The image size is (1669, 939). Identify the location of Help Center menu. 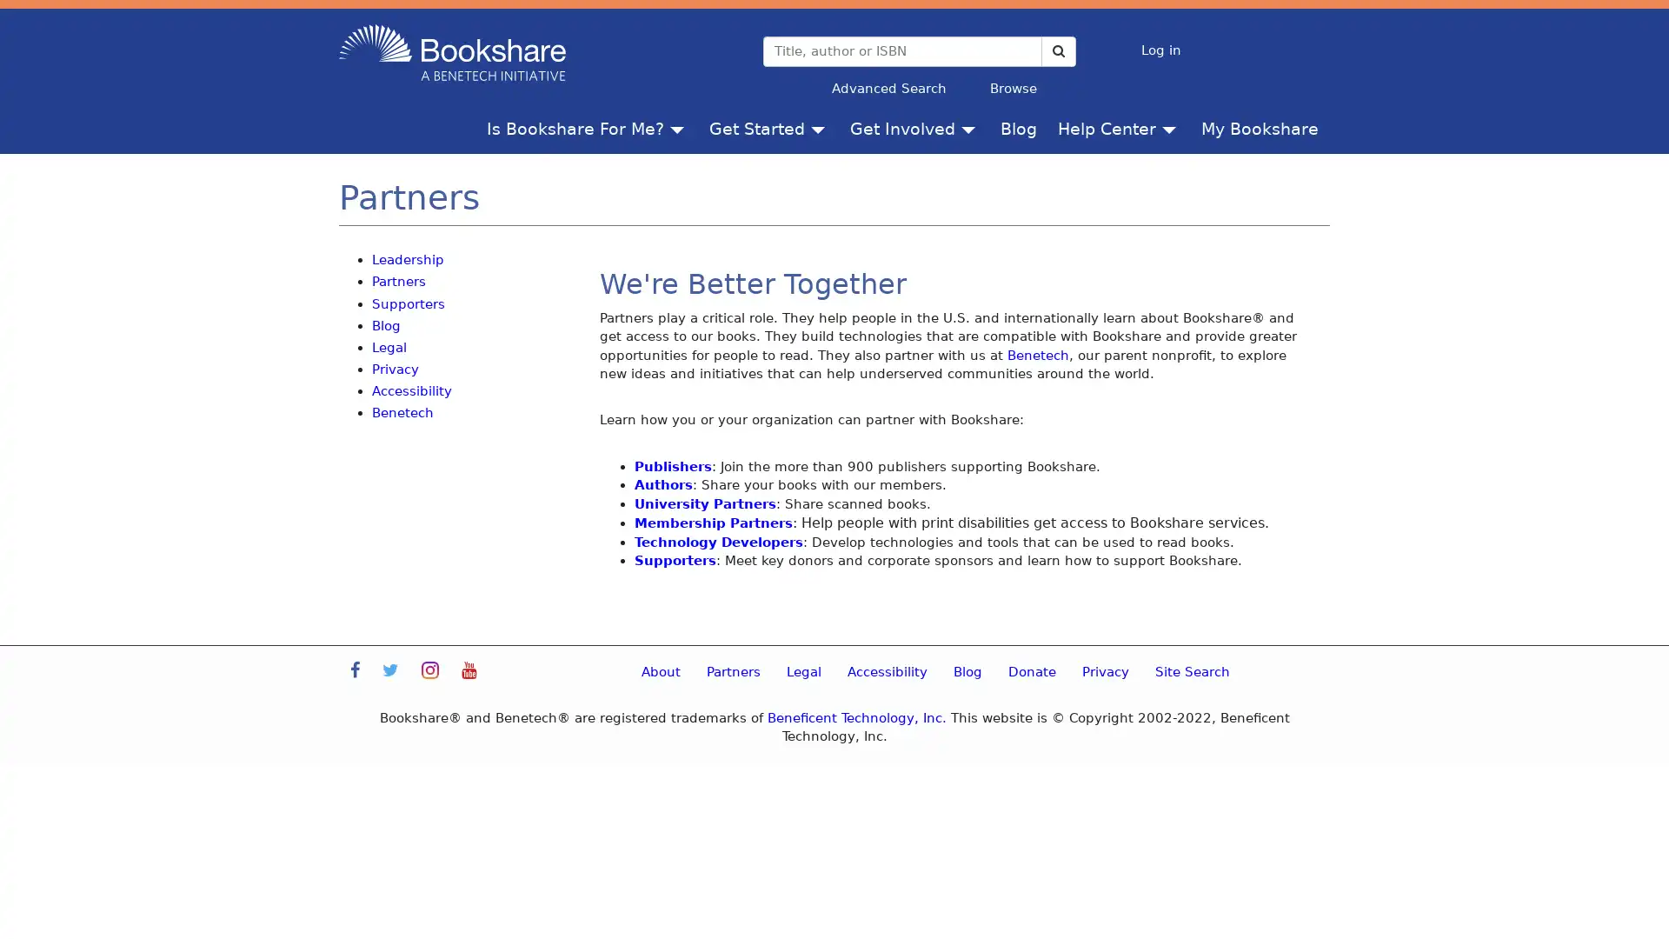
(1173, 127).